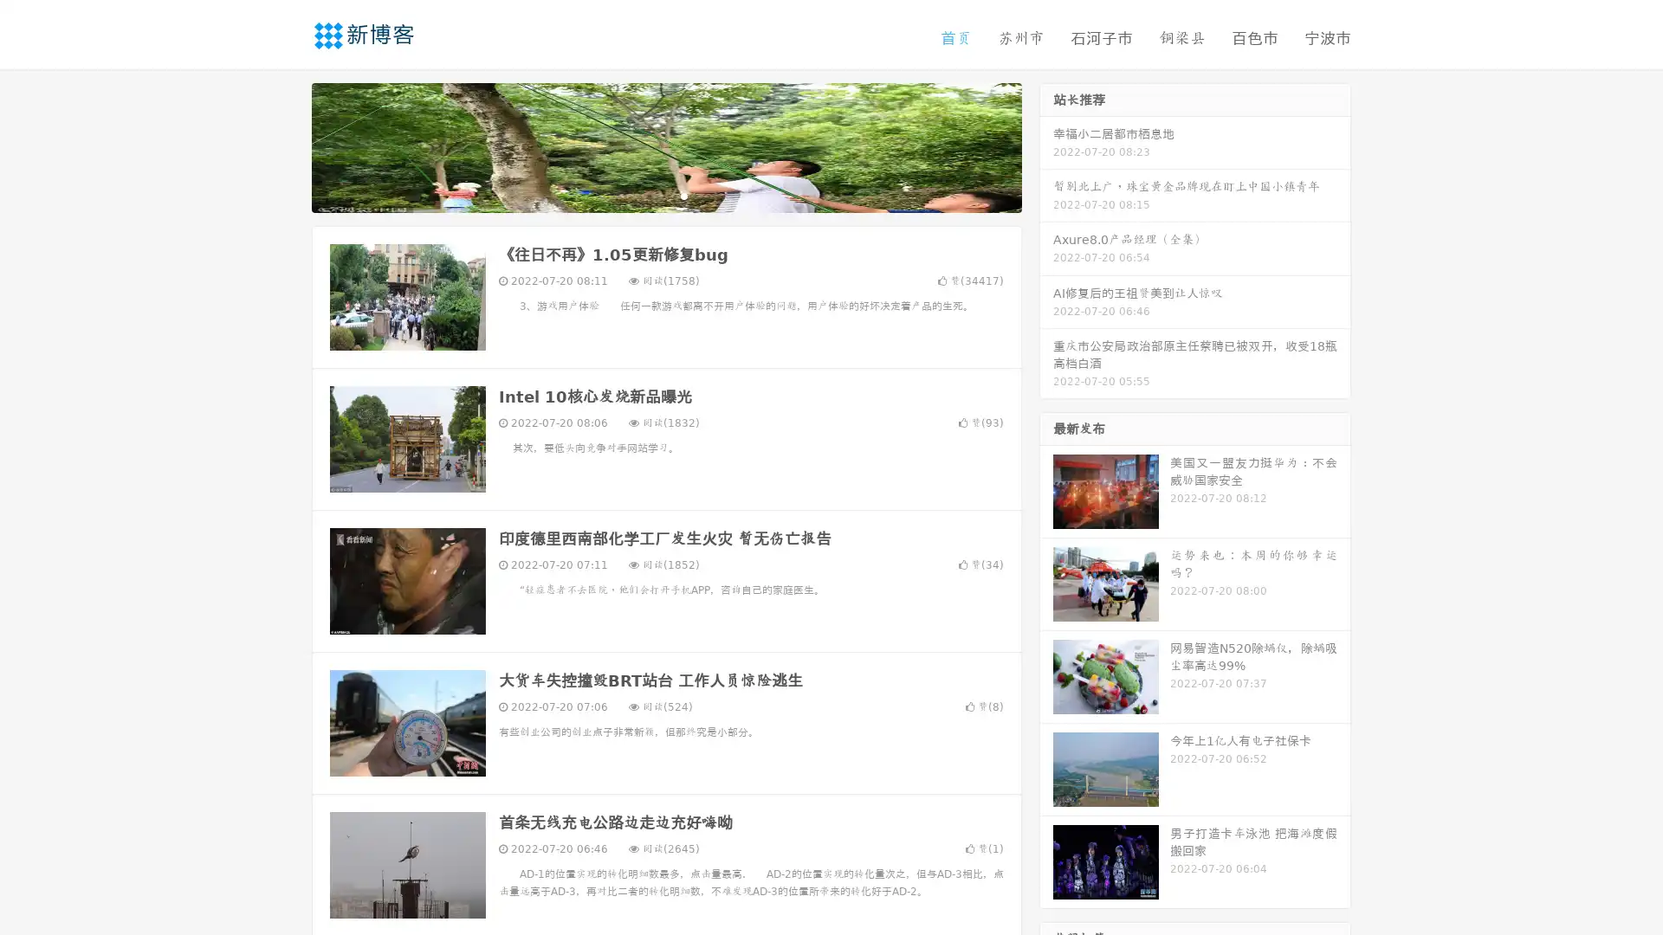 The width and height of the screenshot is (1663, 935). What do you see at coordinates (683, 195) in the screenshot?
I see `Go to slide 3` at bounding box center [683, 195].